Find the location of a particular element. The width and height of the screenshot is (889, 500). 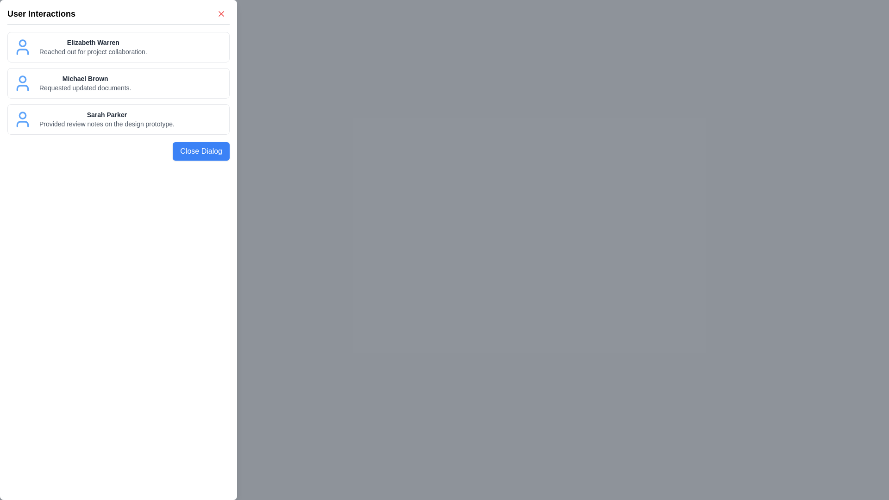

the 'Close Dialog' button to close the dialog is located at coordinates (200, 151).